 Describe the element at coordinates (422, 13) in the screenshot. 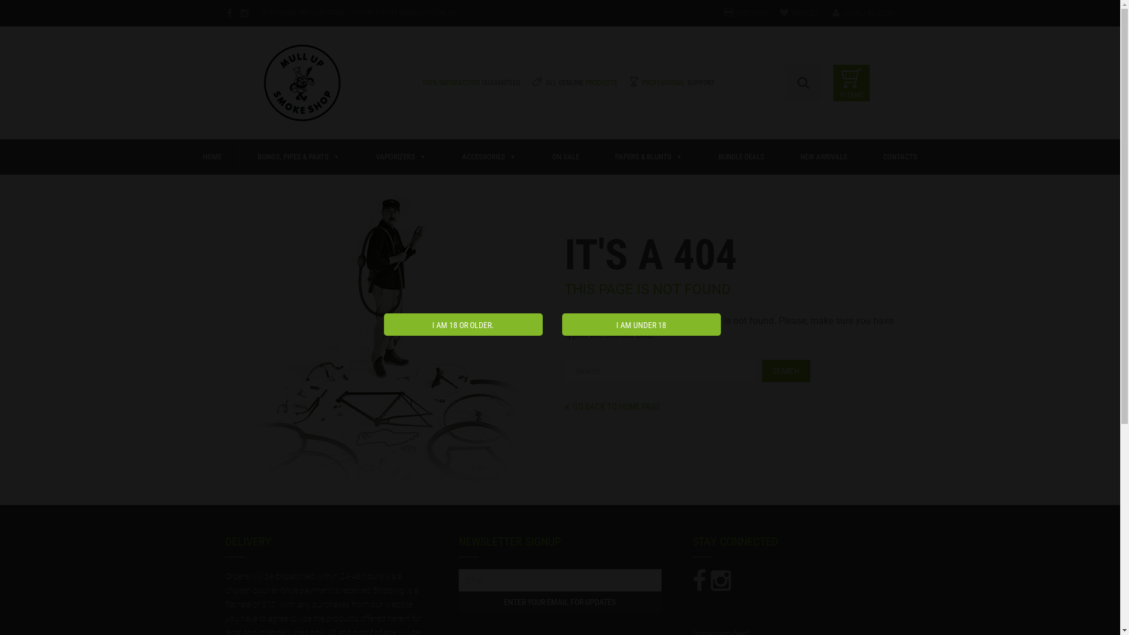

I see `'INFO@MULLUP.COM.AU'` at that location.